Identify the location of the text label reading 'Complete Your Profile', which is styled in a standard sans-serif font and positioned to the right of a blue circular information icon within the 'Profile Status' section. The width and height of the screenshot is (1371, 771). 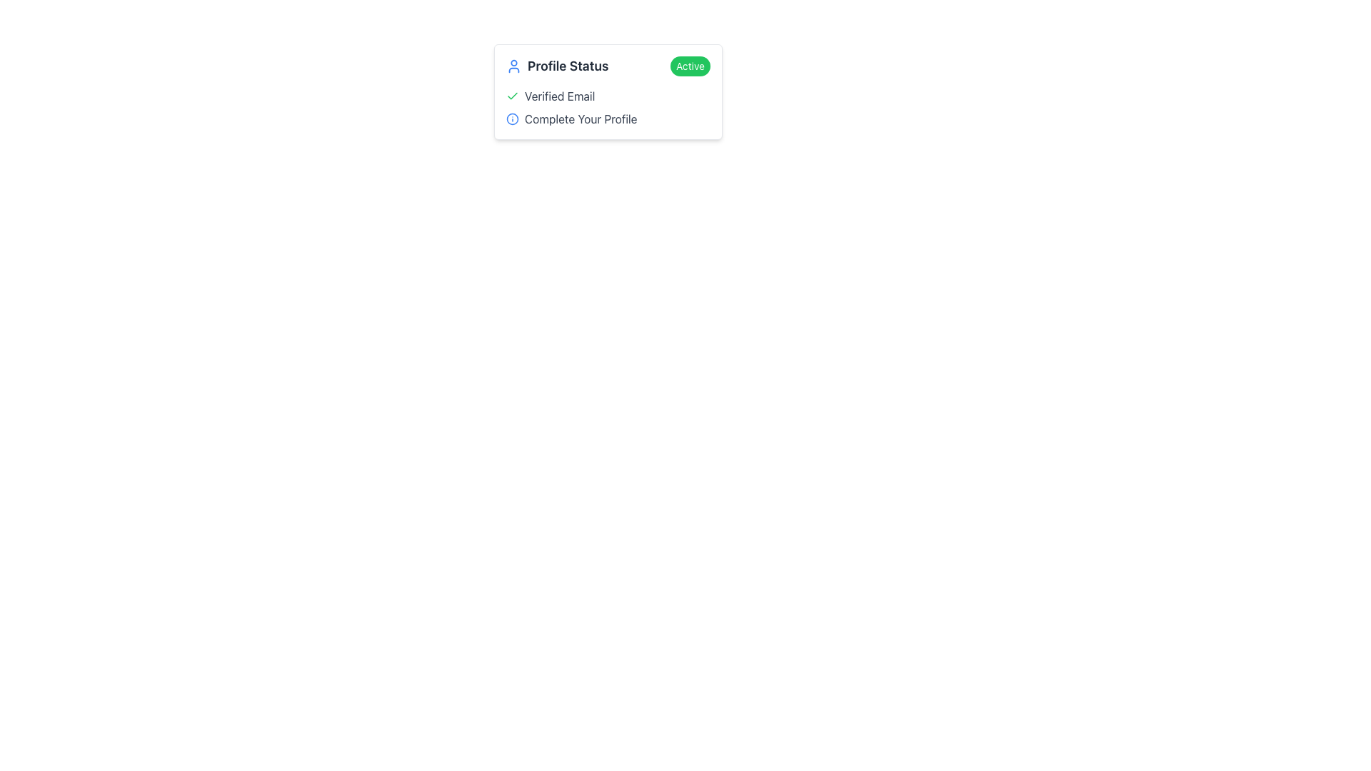
(581, 118).